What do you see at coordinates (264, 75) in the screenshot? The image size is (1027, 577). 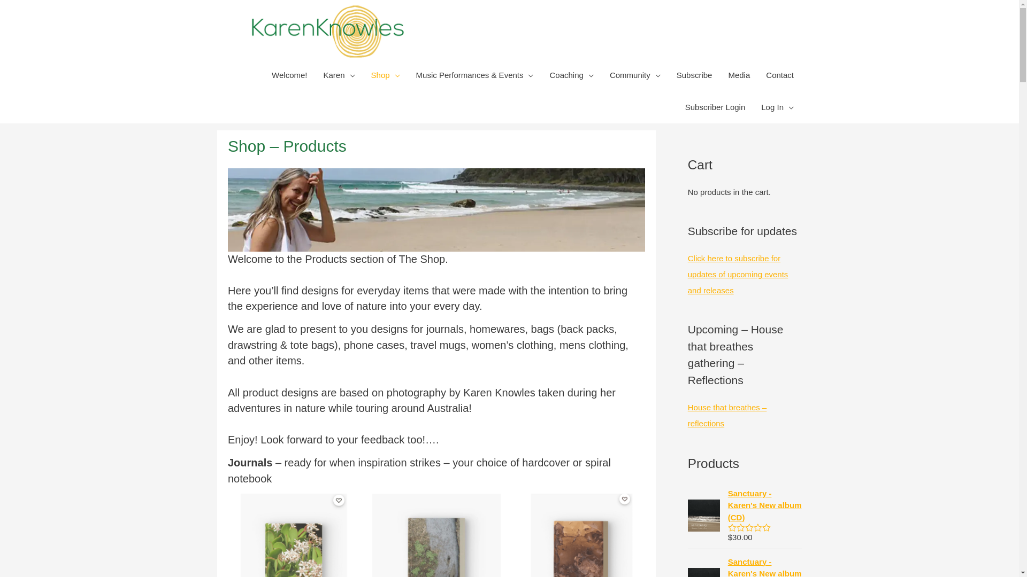 I see `'Welcome!'` at bounding box center [264, 75].